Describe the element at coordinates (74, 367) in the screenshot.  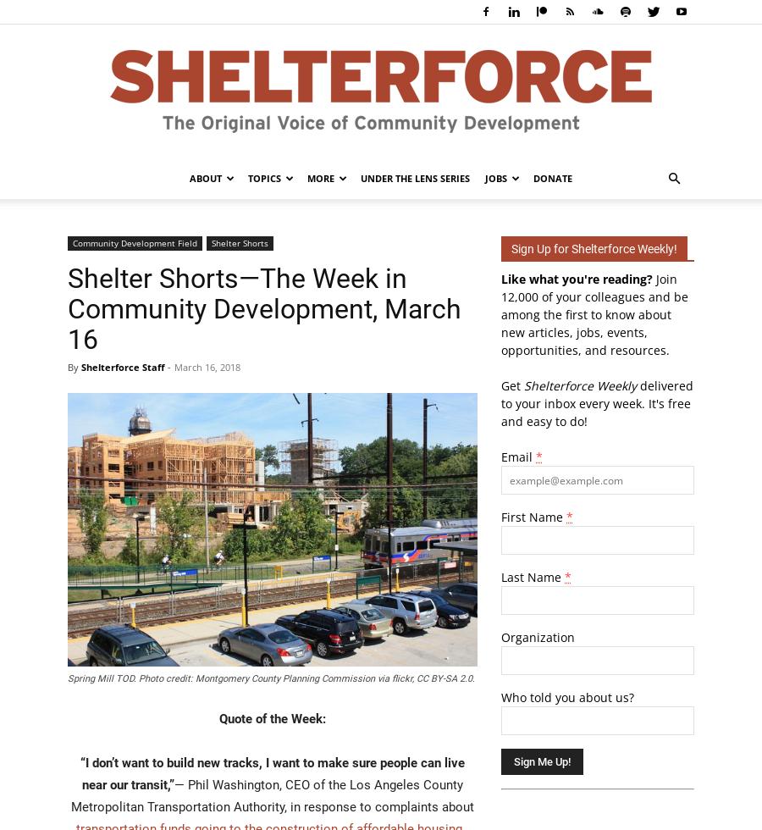
I see `'By'` at that location.